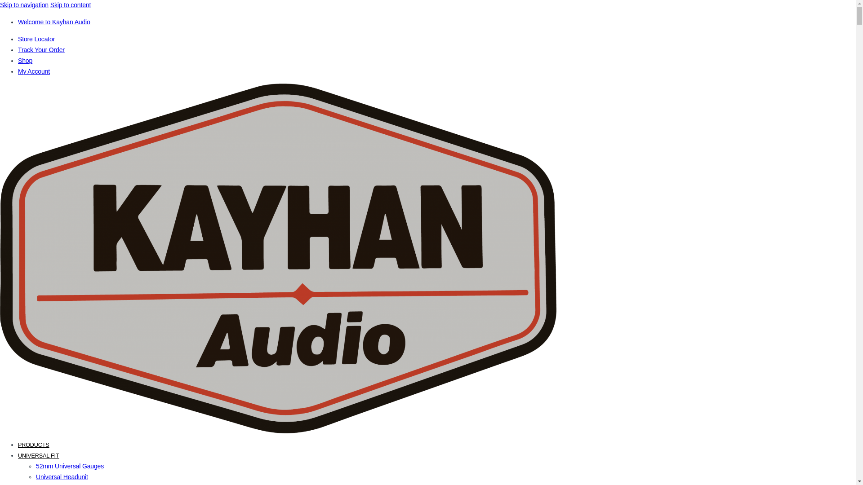 This screenshot has height=485, width=863. I want to click on 'My Account', so click(34, 71).